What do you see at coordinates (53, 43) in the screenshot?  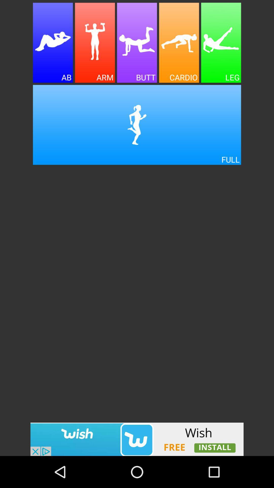 I see `show abdominal exercises` at bounding box center [53, 43].